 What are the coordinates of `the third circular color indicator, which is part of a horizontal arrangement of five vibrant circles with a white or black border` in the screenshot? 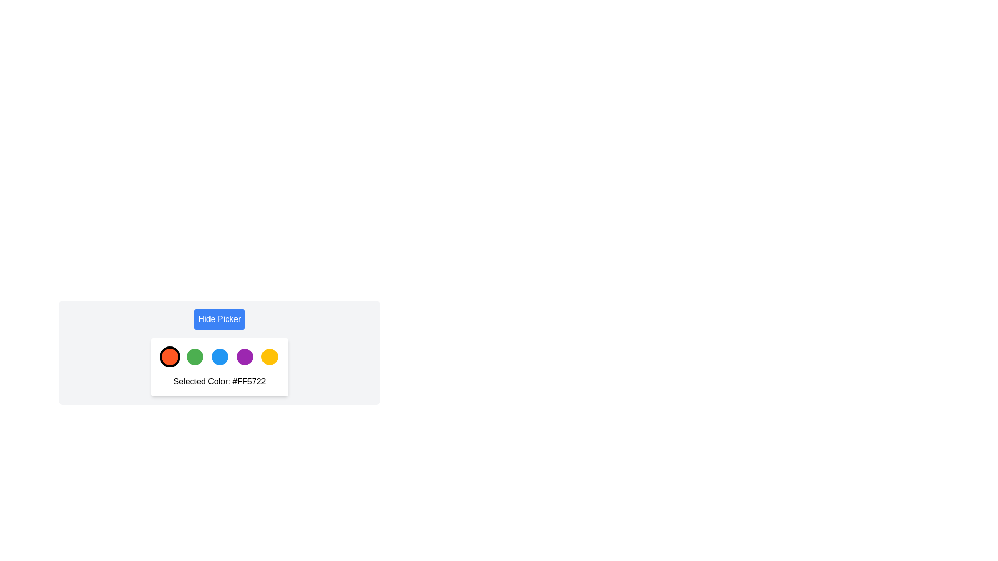 It's located at (219, 356).